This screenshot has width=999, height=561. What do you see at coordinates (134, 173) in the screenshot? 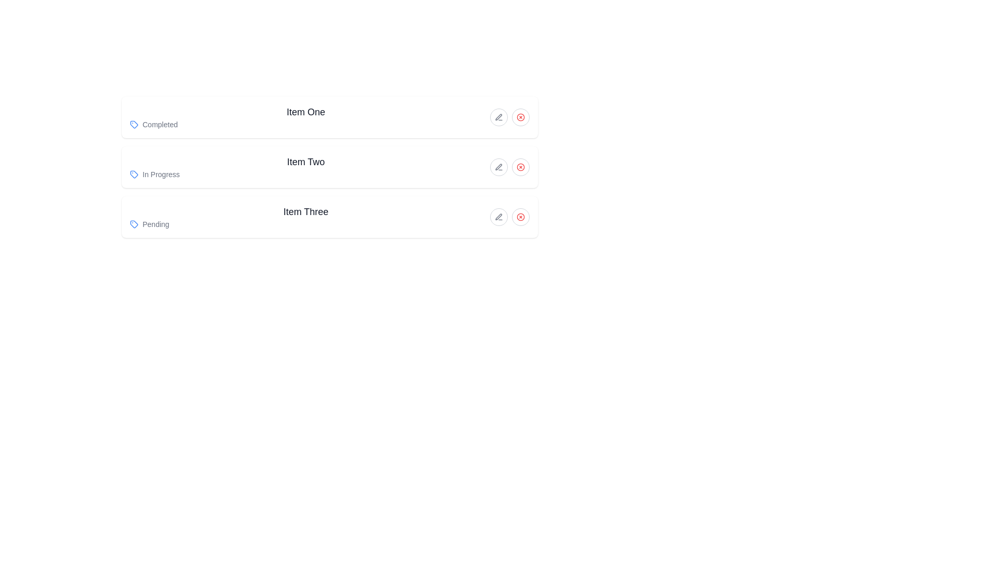
I see `the status icon located to the left of the label 'Completed', 'In Progress', or 'Pending' for items labeled as 'Item One', 'Item Two', and 'Item Three'` at bounding box center [134, 173].